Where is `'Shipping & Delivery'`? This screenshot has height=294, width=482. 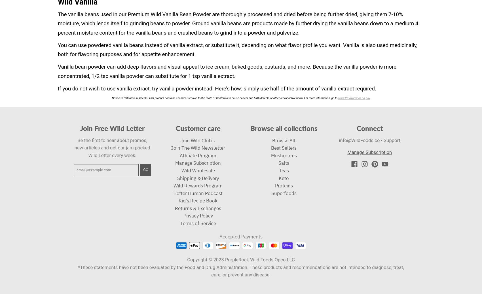 'Shipping & Delivery' is located at coordinates (198, 178).